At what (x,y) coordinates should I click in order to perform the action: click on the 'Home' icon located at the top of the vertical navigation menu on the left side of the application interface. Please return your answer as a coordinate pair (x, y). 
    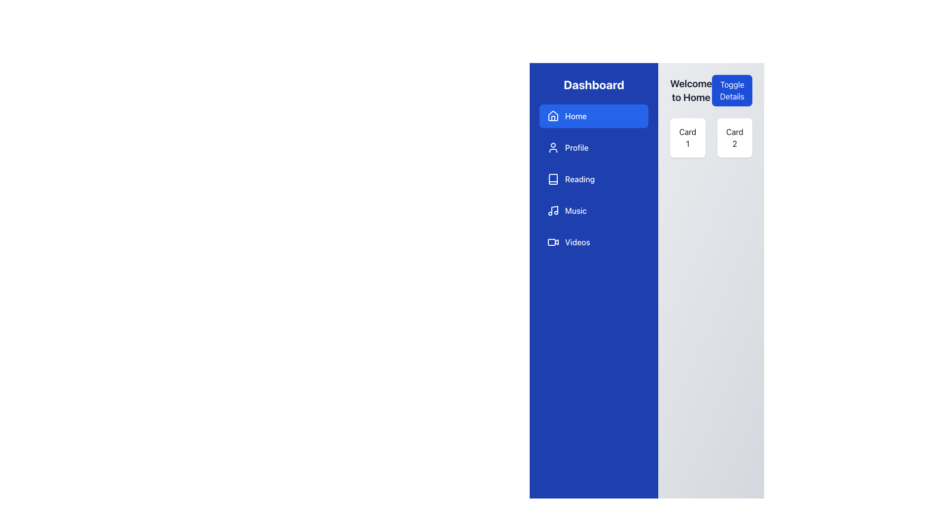
    Looking at the image, I should click on (553, 115).